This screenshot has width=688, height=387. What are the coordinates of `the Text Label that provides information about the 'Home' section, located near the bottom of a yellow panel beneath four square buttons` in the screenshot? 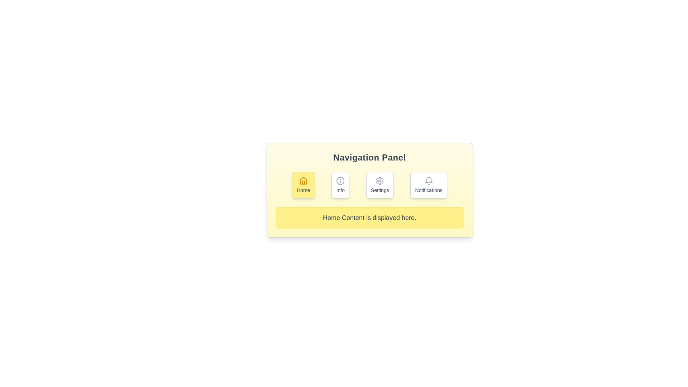 It's located at (369, 218).